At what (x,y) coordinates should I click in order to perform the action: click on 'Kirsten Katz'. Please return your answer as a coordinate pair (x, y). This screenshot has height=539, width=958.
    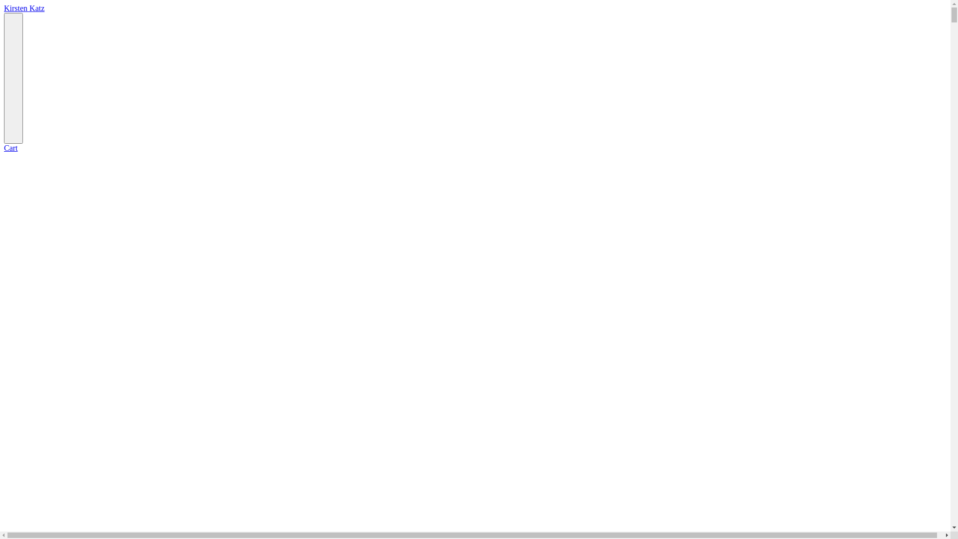
    Looking at the image, I should click on (24, 8).